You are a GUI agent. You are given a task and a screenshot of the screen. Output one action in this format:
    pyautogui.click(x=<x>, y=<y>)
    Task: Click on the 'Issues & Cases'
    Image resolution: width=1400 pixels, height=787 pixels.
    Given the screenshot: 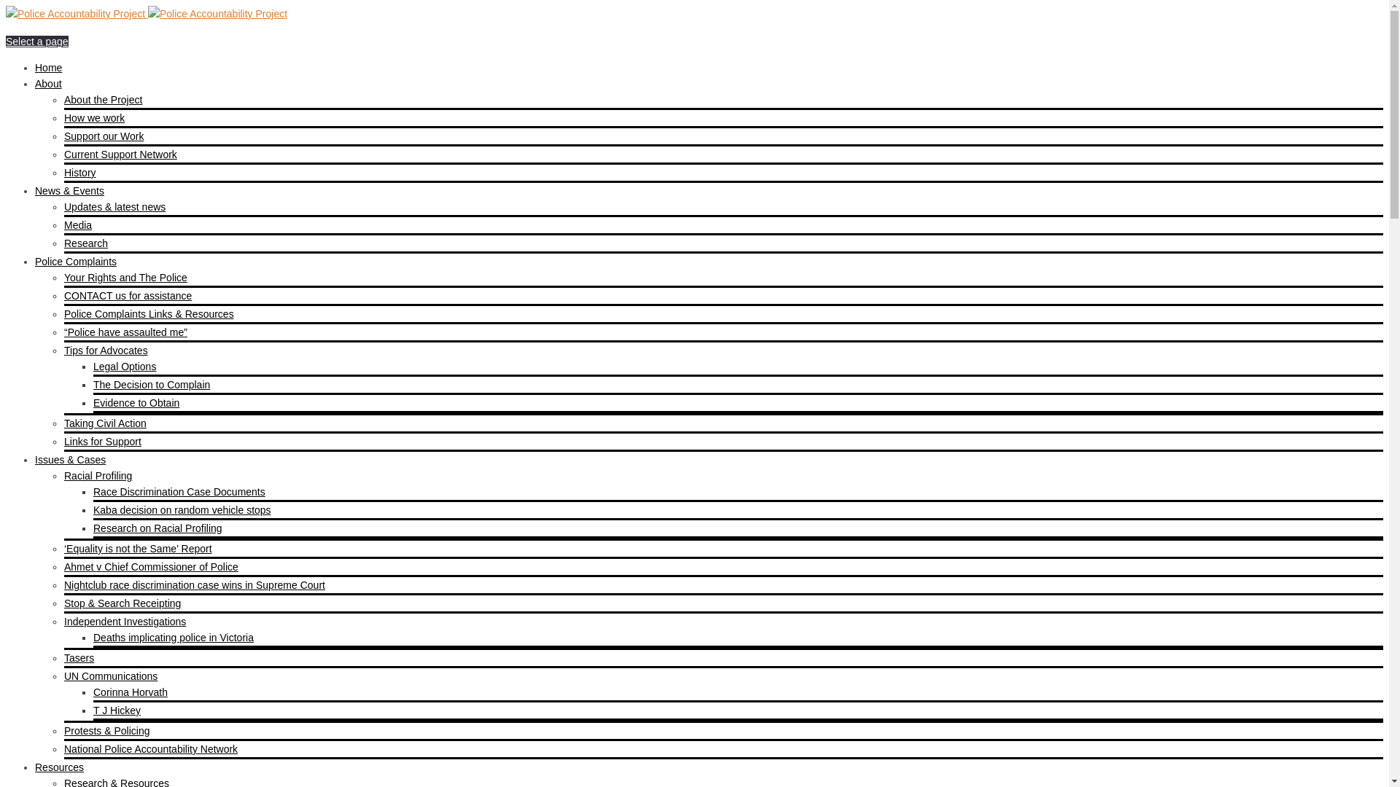 What is the action you would take?
    pyautogui.click(x=69, y=460)
    